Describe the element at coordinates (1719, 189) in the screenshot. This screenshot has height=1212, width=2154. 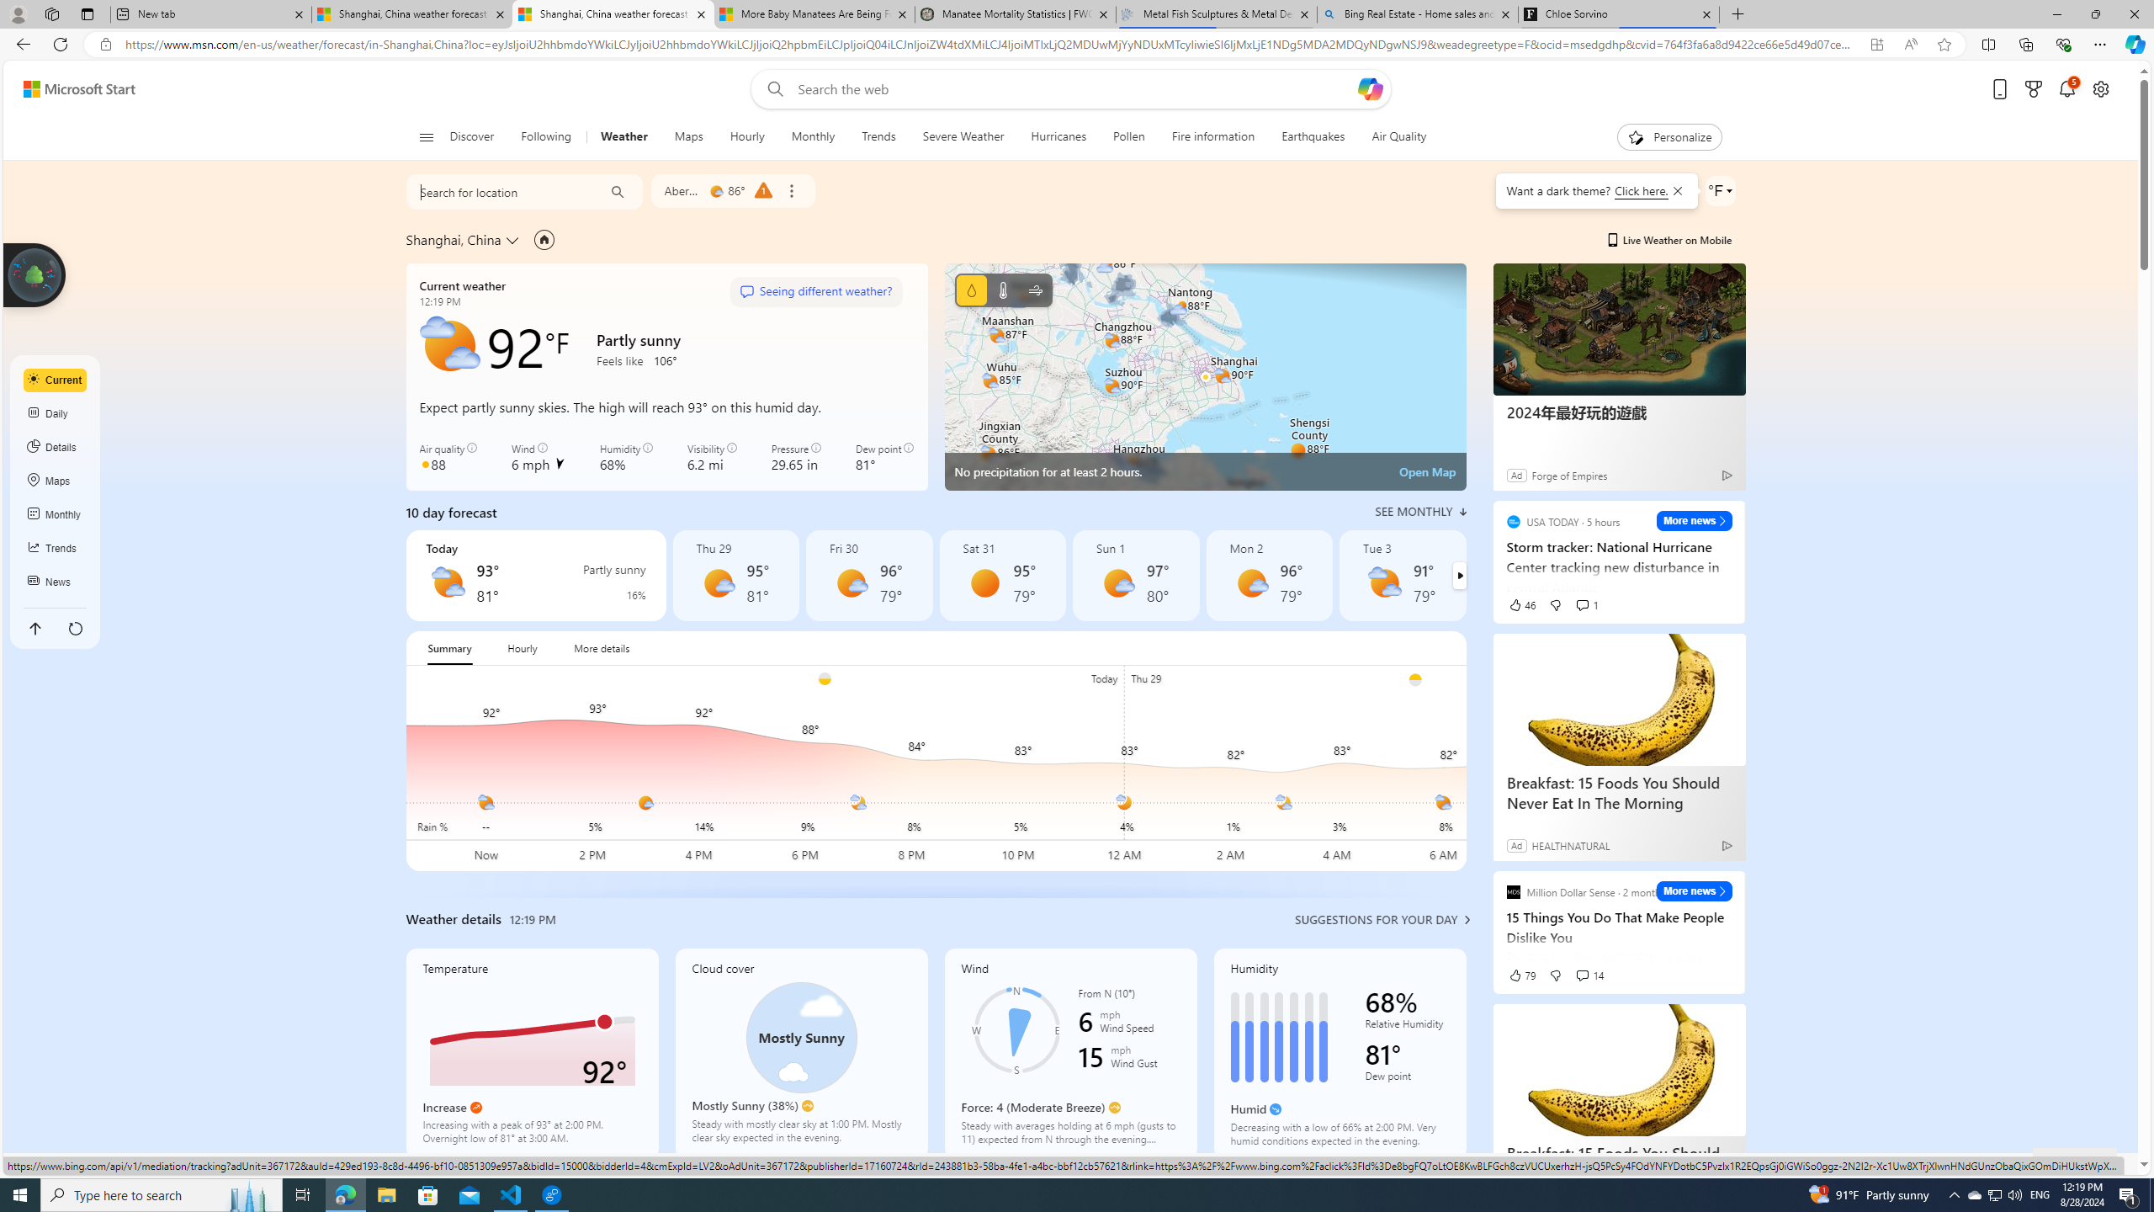
I see `'Weather settings'` at that location.